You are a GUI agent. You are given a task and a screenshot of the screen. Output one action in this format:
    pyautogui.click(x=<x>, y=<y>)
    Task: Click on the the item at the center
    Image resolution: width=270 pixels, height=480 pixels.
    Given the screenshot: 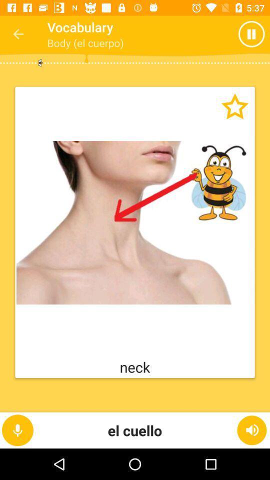 What is the action you would take?
    pyautogui.click(x=135, y=222)
    